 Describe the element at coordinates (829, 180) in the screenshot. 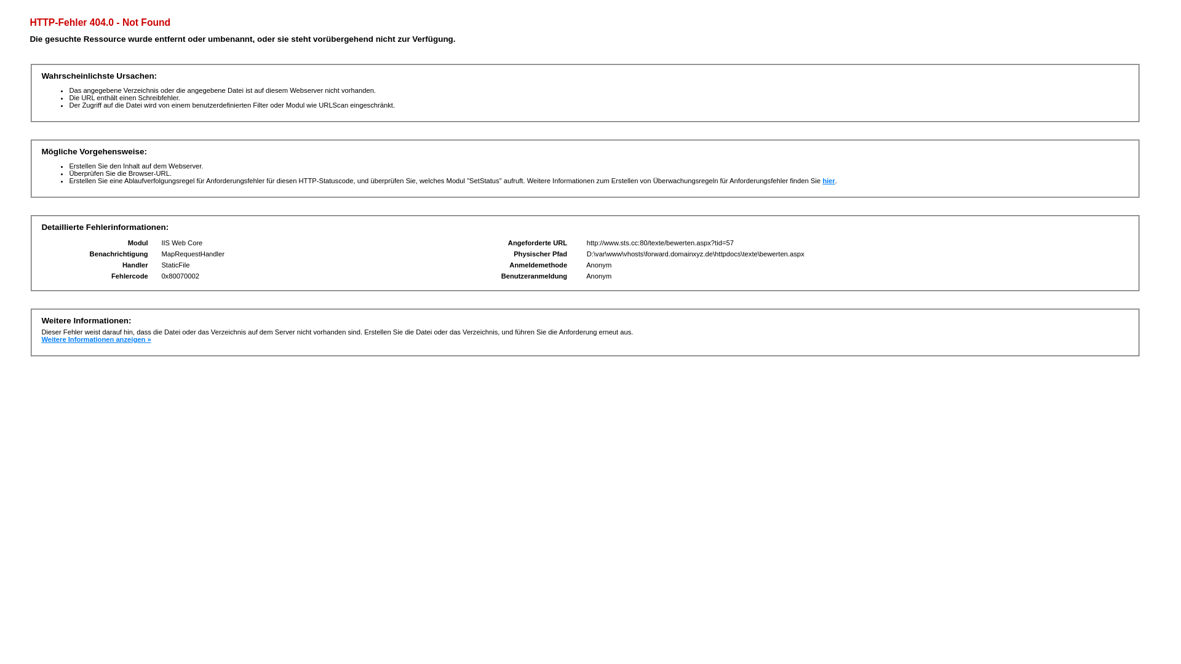

I see `'hier'` at that location.